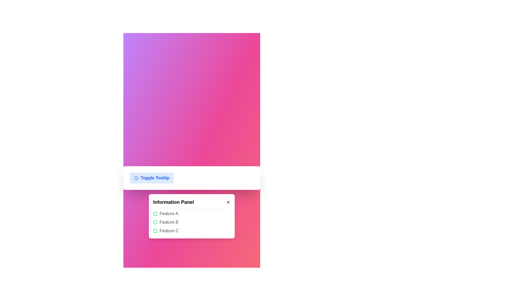 Image resolution: width=515 pixels, height=290 pixels. Describe the element at coordinates (174, 202) in the screenshot. I see `the 'Information Panel' text label, which is displayed in bold and larger font at the top of the panel` at that location.